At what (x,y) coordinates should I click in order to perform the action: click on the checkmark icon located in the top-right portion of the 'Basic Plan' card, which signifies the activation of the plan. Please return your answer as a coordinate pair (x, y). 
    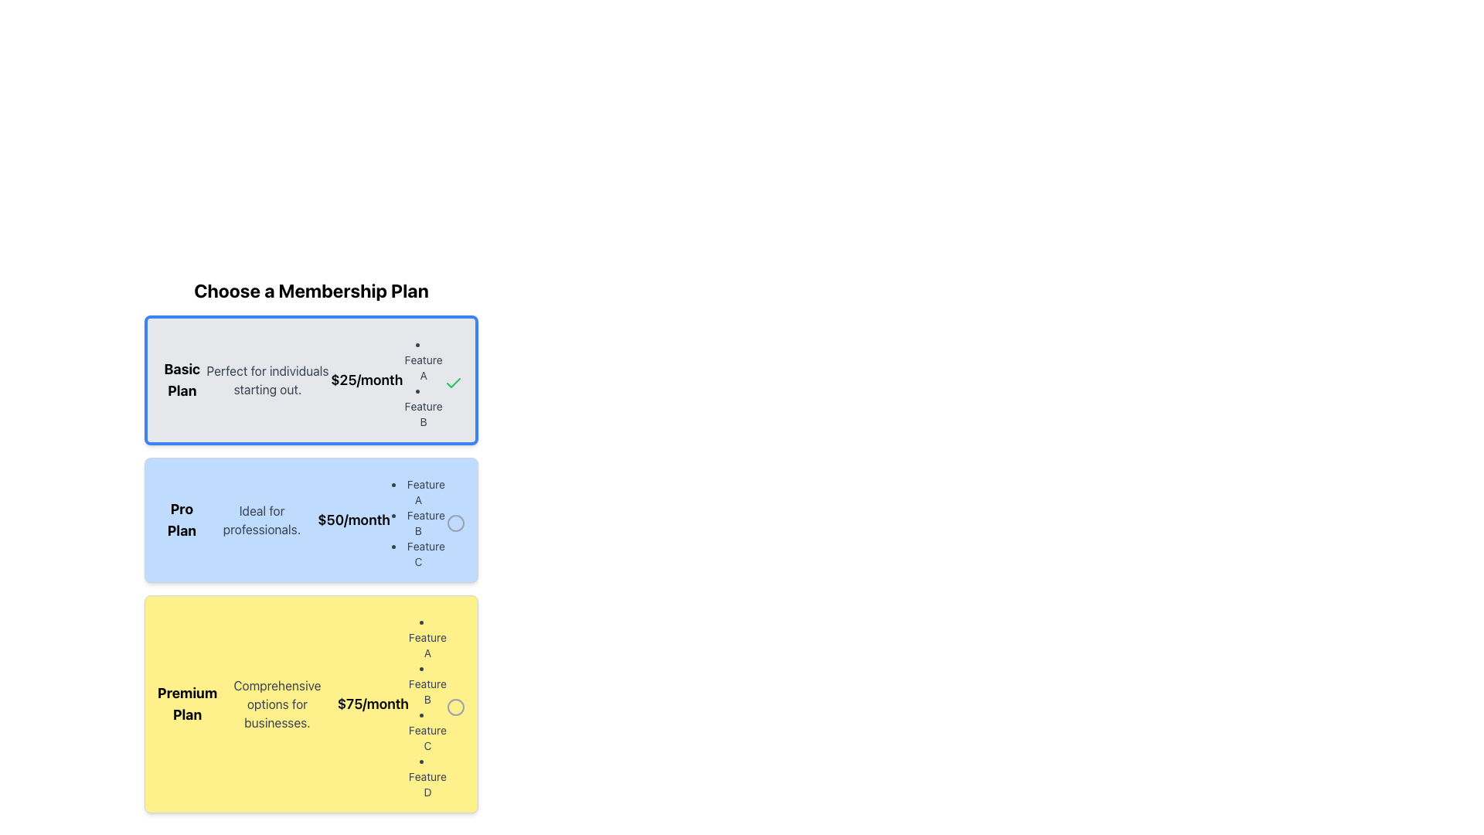
    Looking at the image, I should click on (452, 383).